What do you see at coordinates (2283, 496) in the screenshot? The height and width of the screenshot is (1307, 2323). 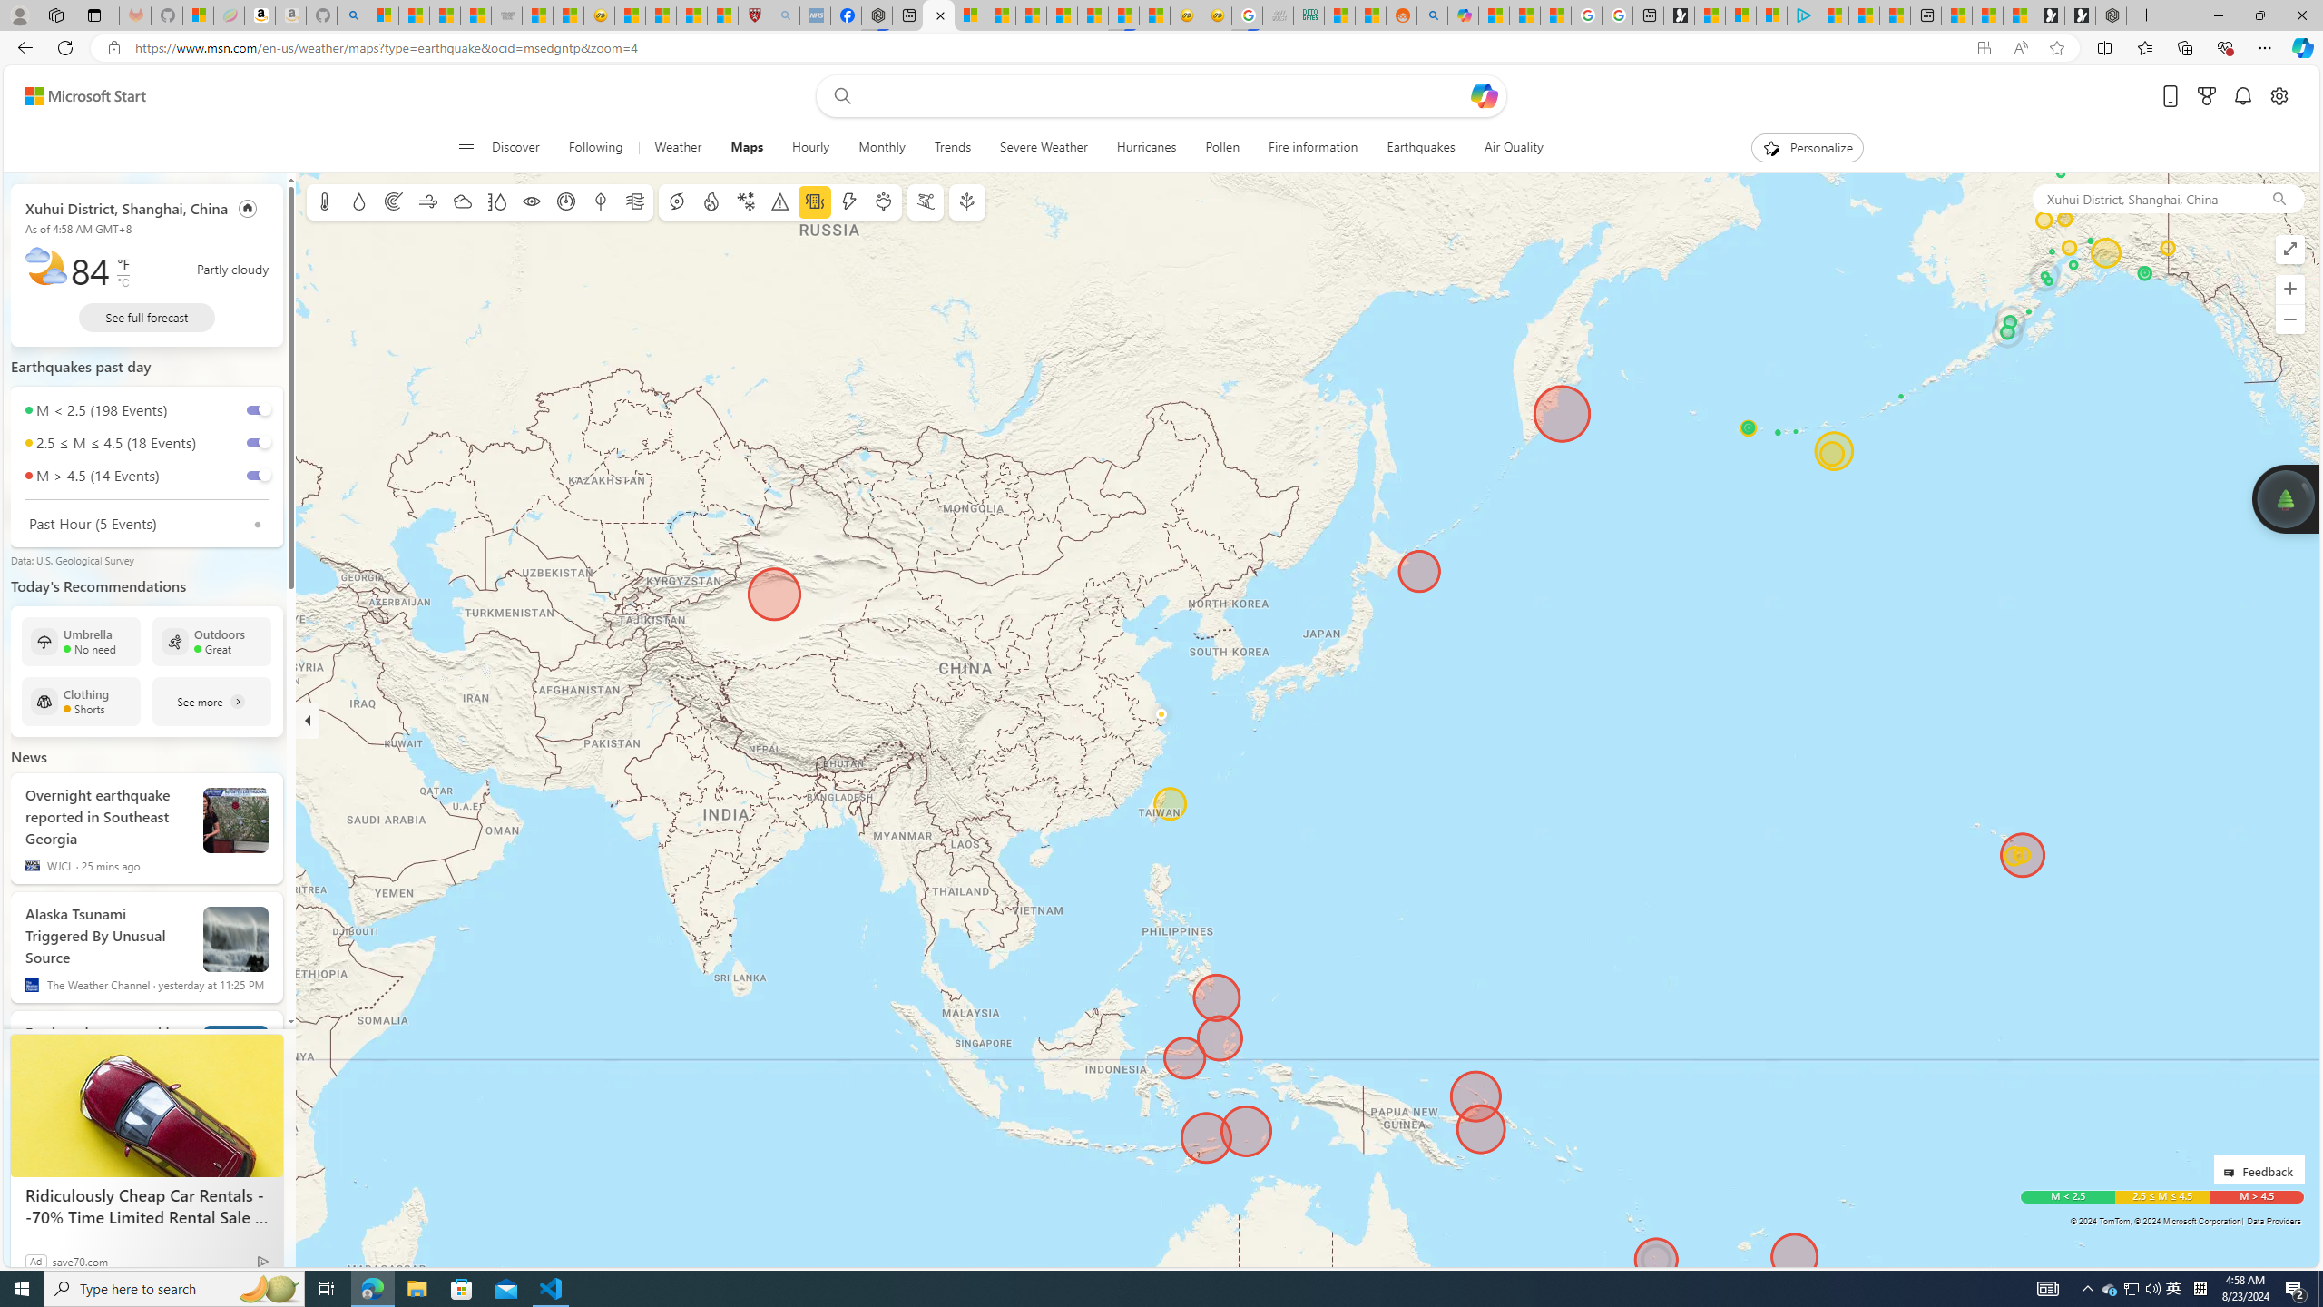 I see `'Join us in planting real trees to help our planet!'` at bounding box center [2283, 496].